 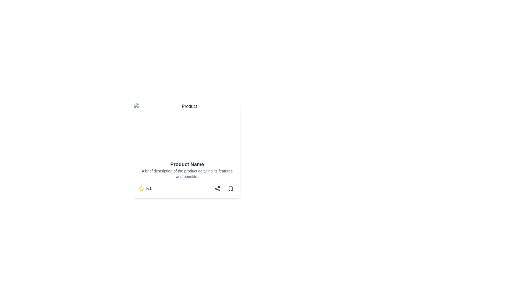 What do you see at coordinates (187, 164) in the screenshot?
I see `the large, bold text element that reads 'Product Name', which is positioned at the top of a card layout` at bounding box center [187, 164].